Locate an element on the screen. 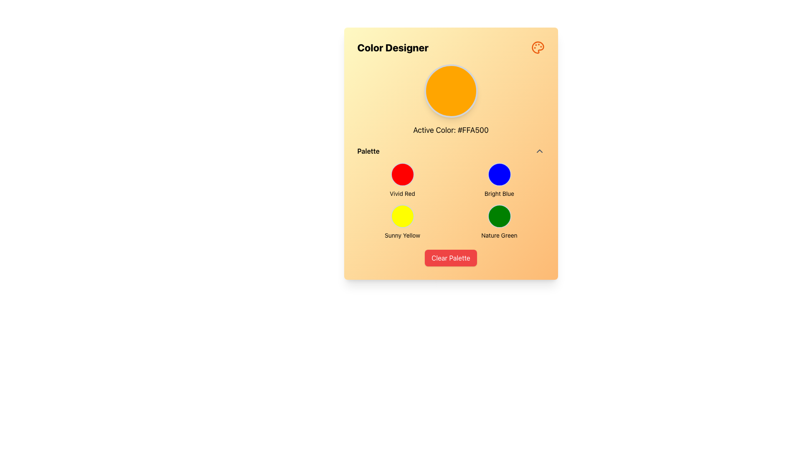 The width and height of the screenshot is (802, 451). the Text Label that identifies the blue color swatch in the 'Color Designer' dialog under the 'Palette' section is located at coordinates (499, 193).